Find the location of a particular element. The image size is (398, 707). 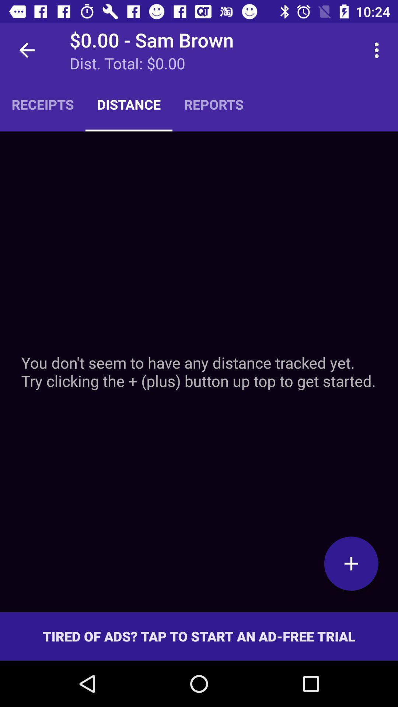

get stated is located at coordinates (351, 563).